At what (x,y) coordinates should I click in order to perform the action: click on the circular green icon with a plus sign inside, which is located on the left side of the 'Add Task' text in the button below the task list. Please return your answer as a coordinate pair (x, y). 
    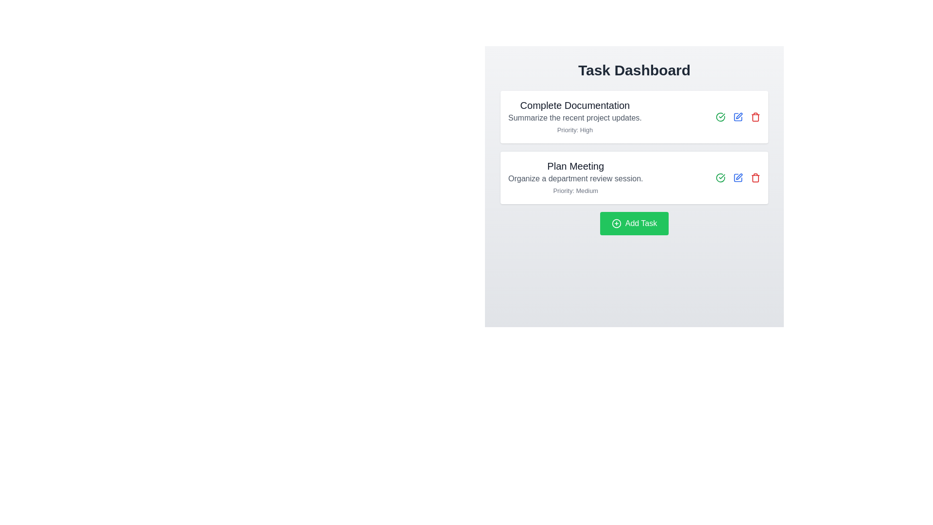
    Looking at the image, I should click on (616, 223).